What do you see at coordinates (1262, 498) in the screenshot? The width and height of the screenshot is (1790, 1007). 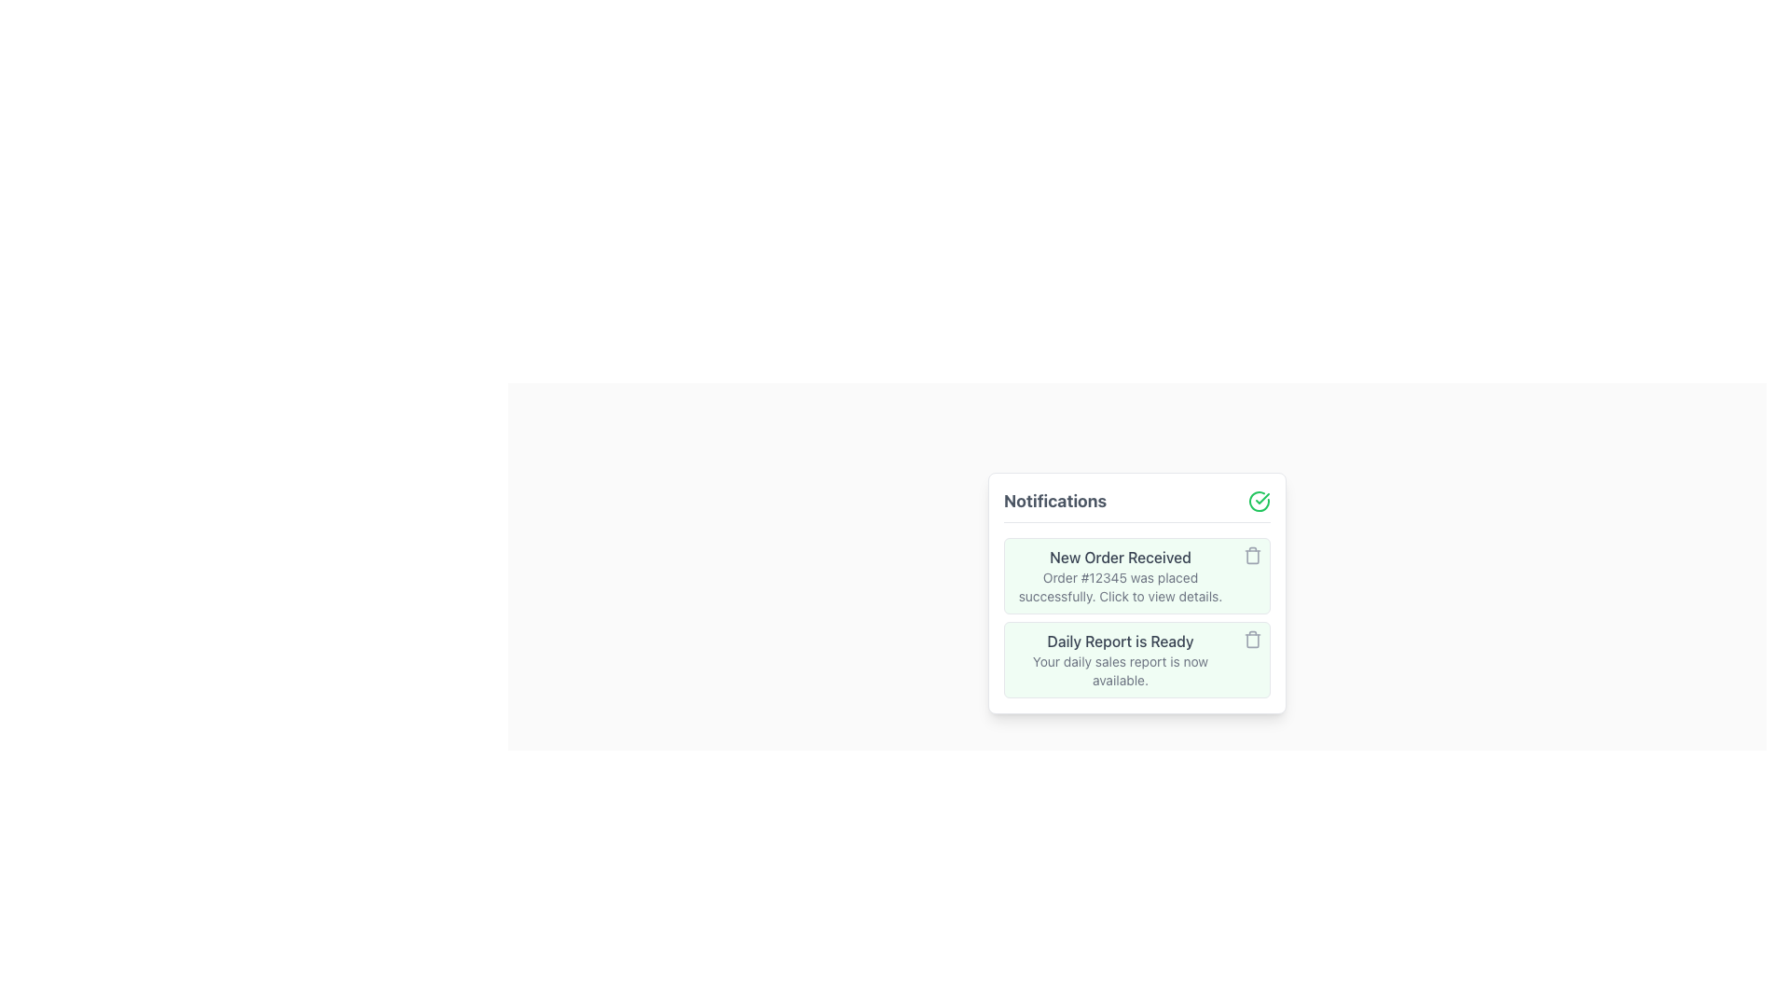 I see `the small green checkmark icon located in the upper-right corner of the notifications pane, which is part of a larger circular icon` at bounding box center [1262, 498].